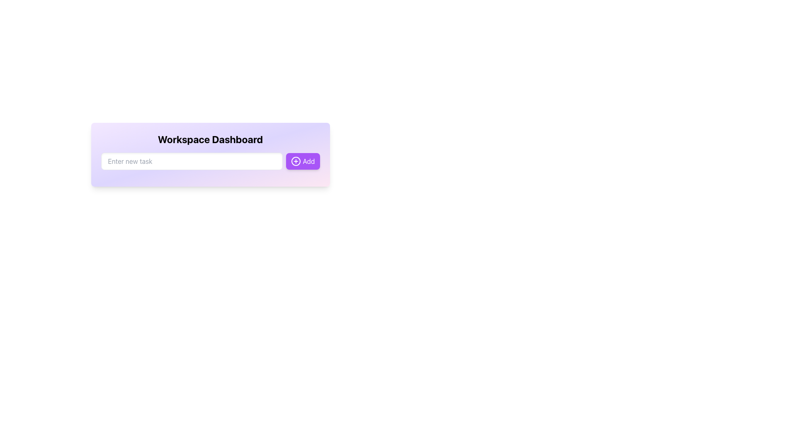  I want to click on the 'Add' button with a purple background and rounded corners, so click(302, 161).